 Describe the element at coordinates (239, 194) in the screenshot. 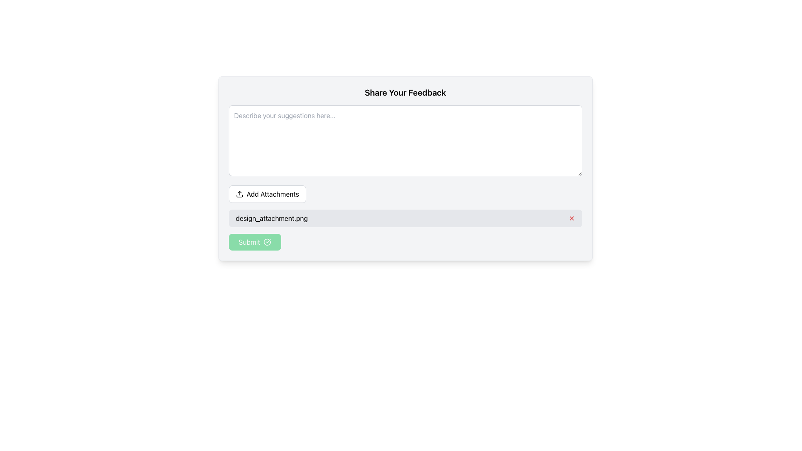

I see `upload icon SVG graphic element, which features an upward-pointing arrow inside a rectangular base outline, located to the left of the 'Add Attachments' text` at that location.